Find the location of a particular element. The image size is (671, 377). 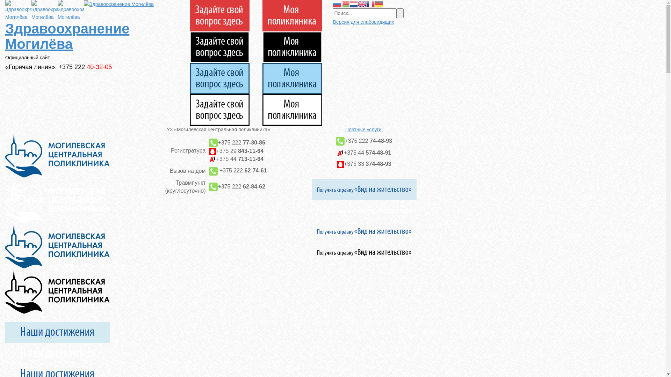

'French' is located at coordinates (366, 4).